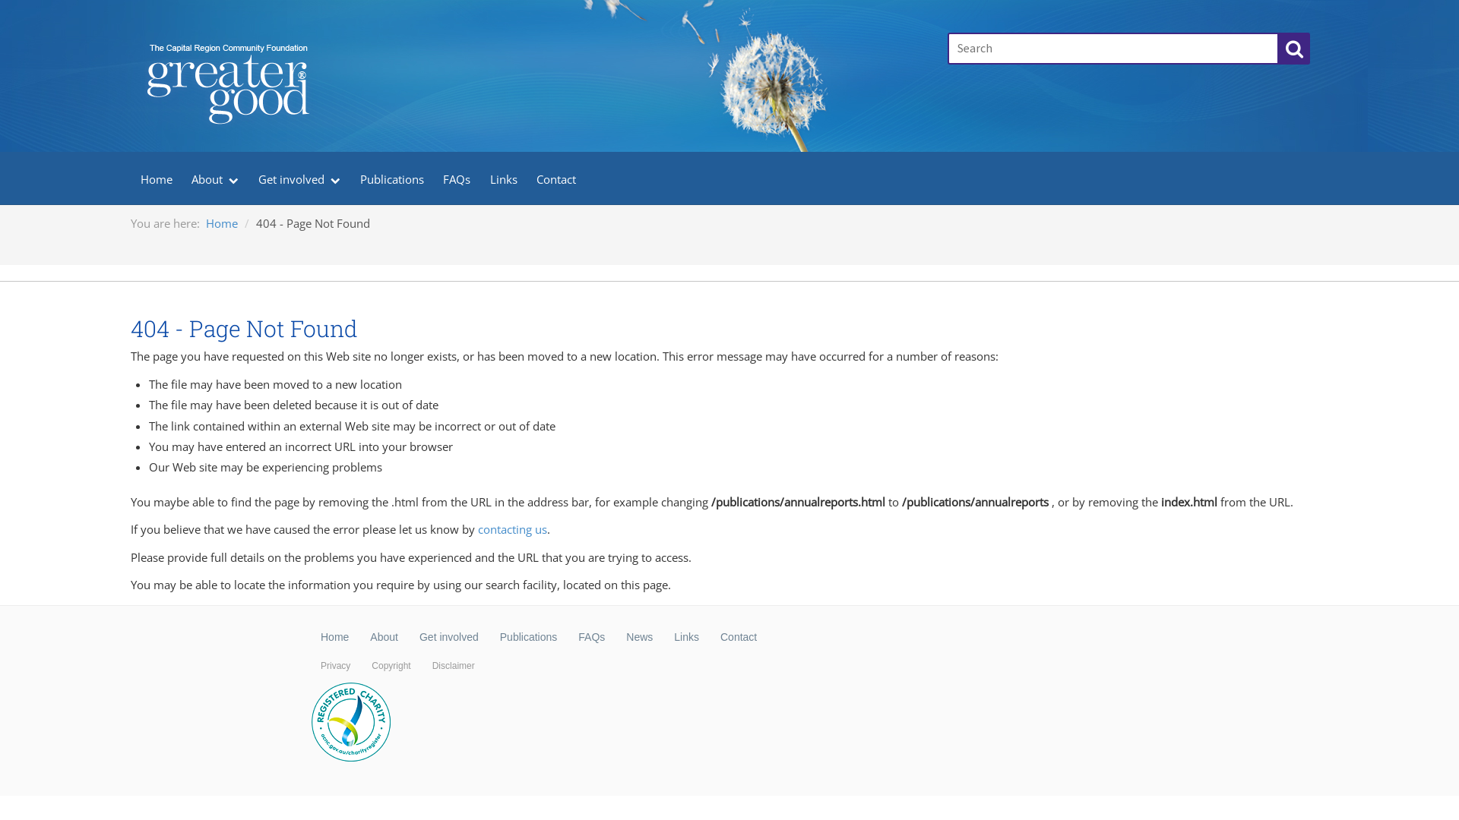 Image resolution: width=1459 pixels, height=820 pixels. I want to click on 'ACNC Registered Charity', so click(350, 722).